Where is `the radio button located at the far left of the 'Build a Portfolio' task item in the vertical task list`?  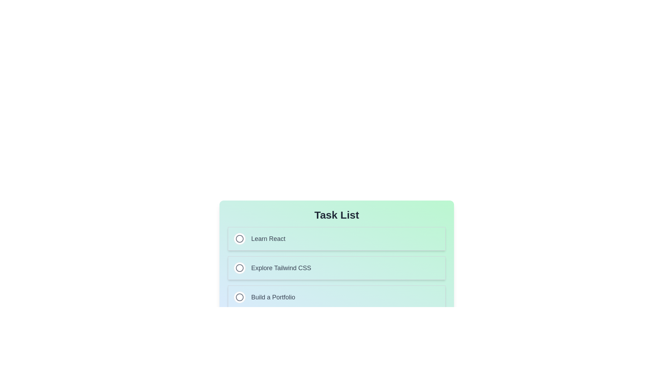
the radio button located at the far left of the 'Build a Portfolio' task item in the vertical task list is located at coordinates (239, 297).